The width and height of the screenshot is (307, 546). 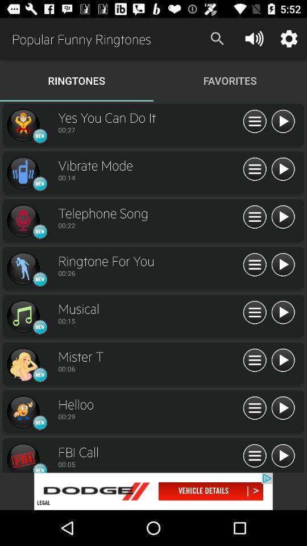 I want to click on more details, so click(x=255, y=169).